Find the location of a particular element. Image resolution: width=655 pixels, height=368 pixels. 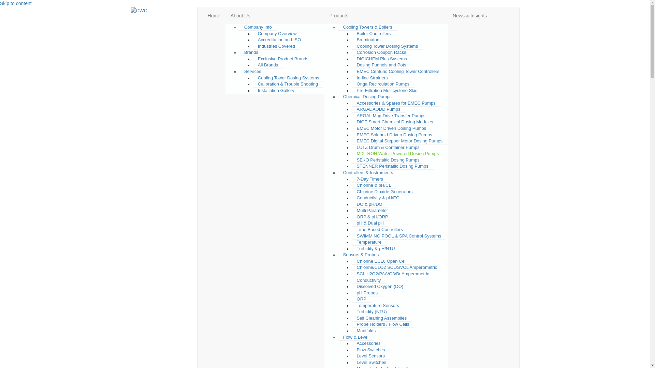

'Industries Covered' is located at coordinates (276, 46).